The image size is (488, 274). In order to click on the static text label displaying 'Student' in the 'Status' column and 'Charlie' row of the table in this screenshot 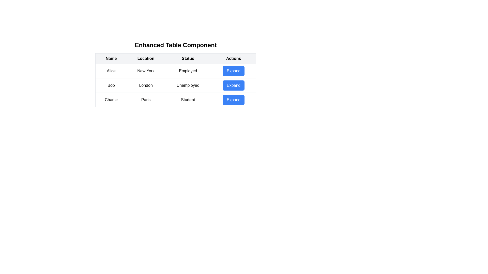, I will do `click(188, 100)`.